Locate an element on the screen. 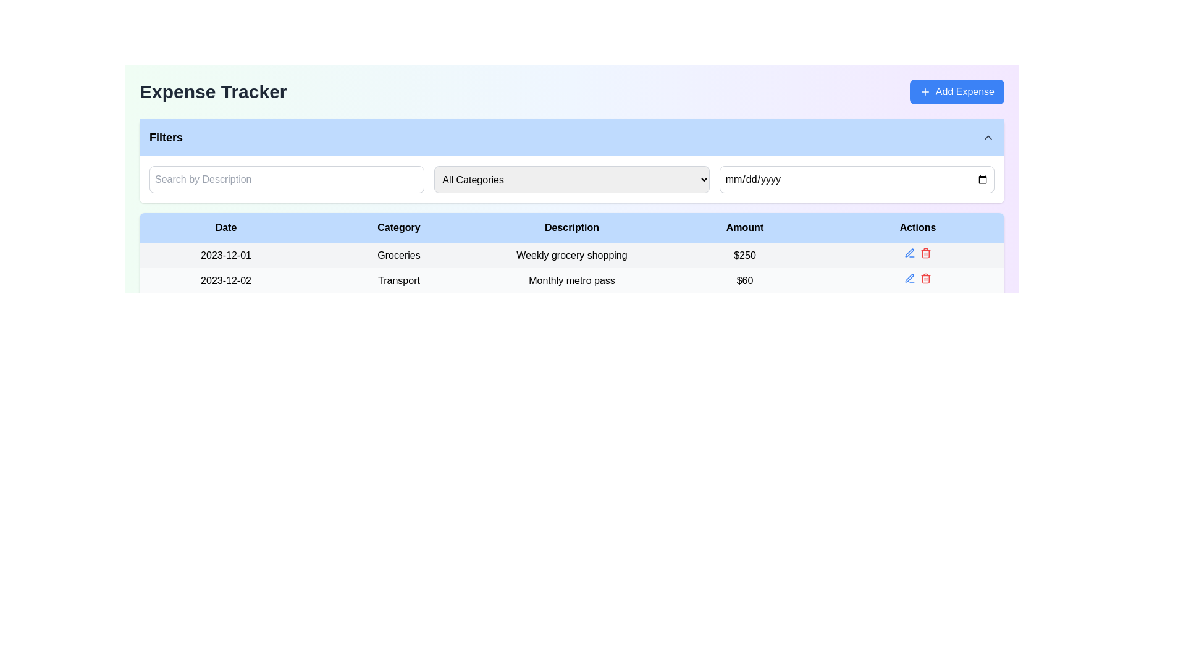 This screenshot has width=1186, height=667. the pen icon button in the 'Actions' column of the second row is located at coordinates (909, 252).